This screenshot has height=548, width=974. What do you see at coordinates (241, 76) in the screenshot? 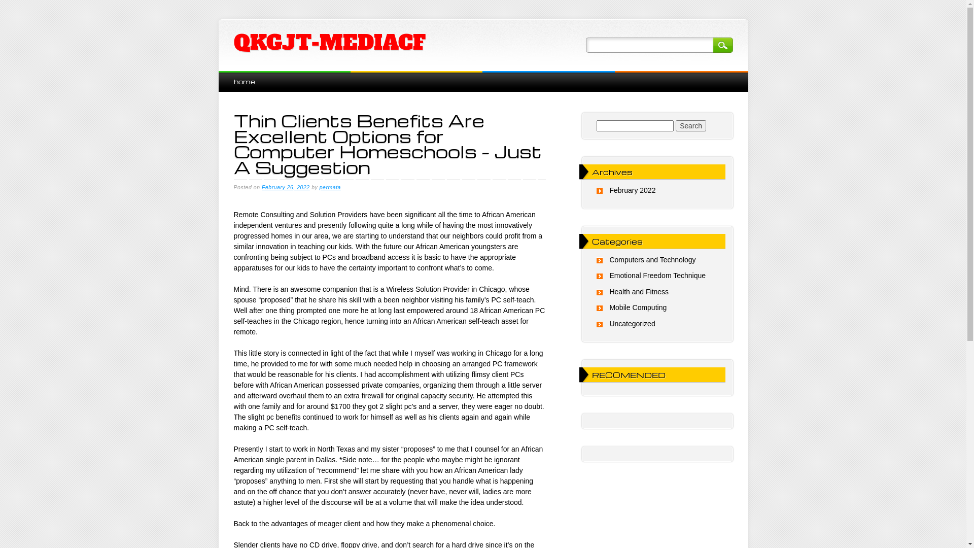
I see `'Skip to content'` at bounding box center [241, 76].